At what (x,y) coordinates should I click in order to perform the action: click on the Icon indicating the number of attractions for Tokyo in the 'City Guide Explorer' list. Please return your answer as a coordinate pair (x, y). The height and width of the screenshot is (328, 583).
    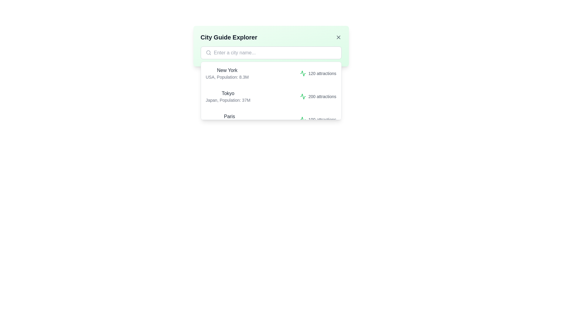
    Looking at the image, I should click on (303, 96).